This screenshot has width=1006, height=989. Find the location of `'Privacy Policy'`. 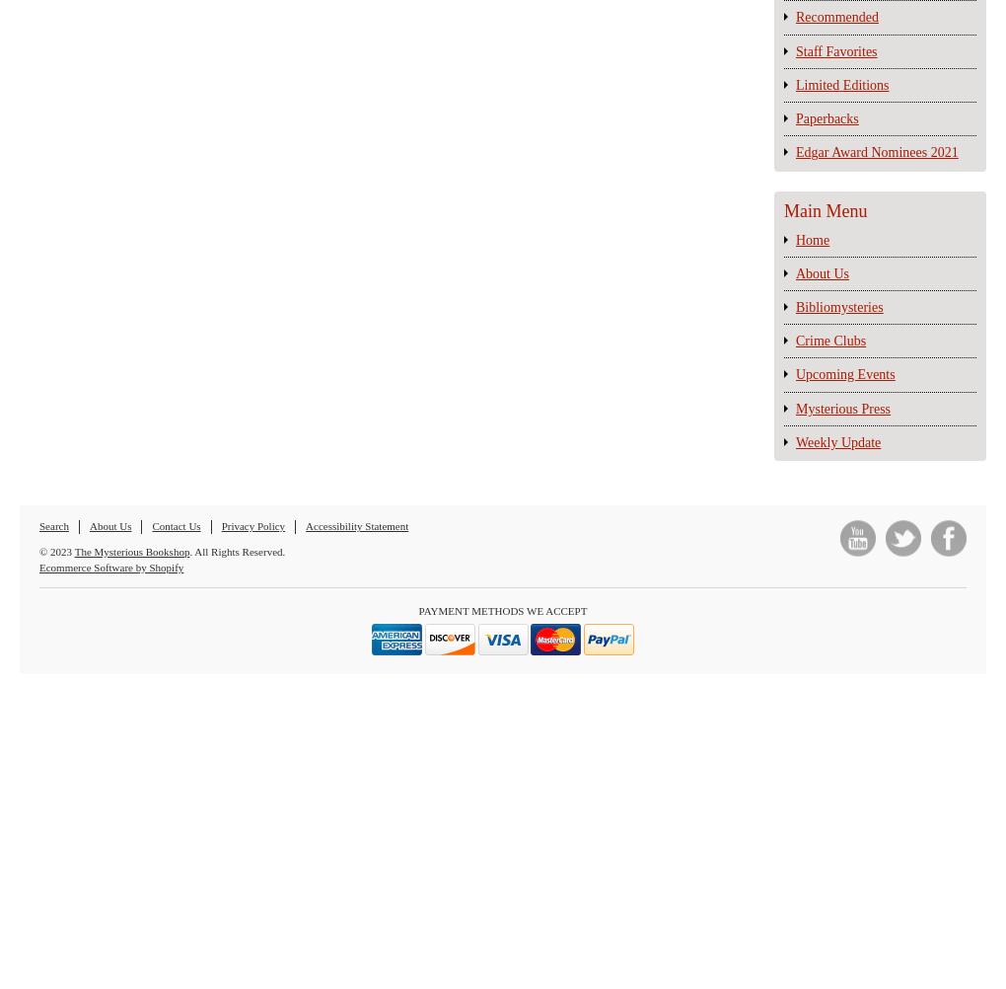

'Privacy Policy' is located at coordinates (251, 525).